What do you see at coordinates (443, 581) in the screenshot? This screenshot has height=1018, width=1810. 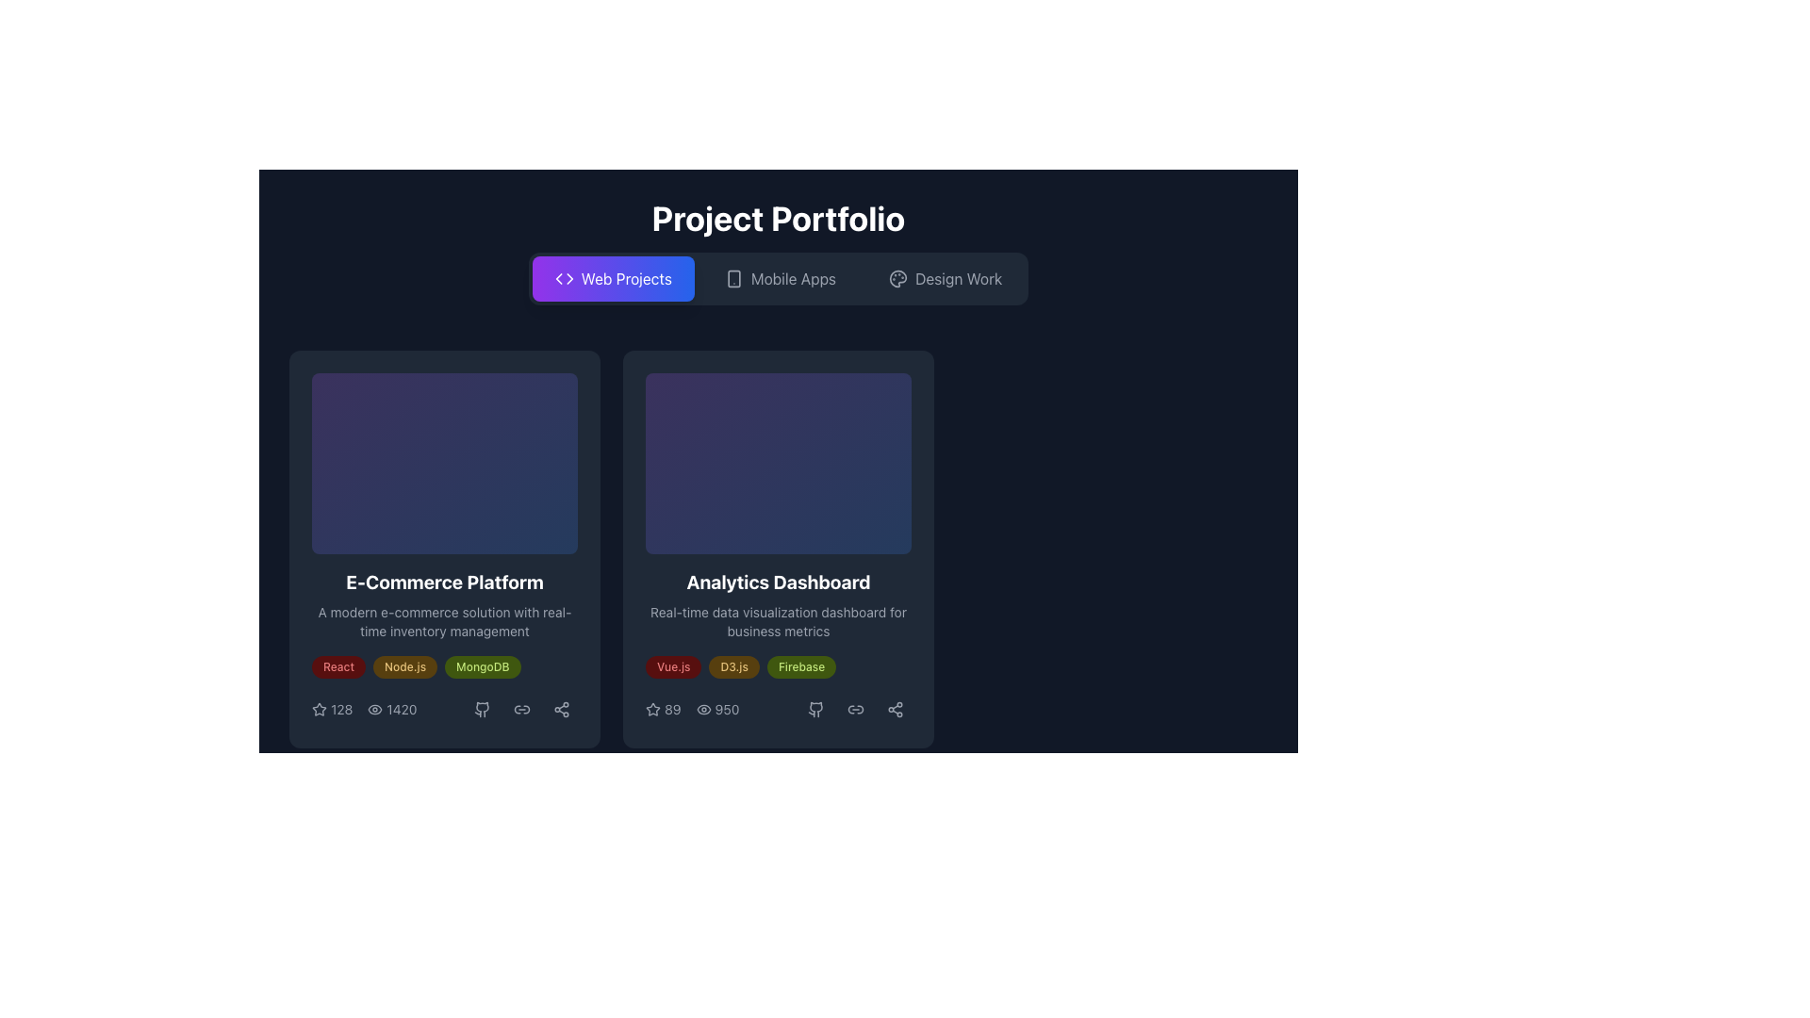 I see `the text block displaying the title 'E-Commerce Platform' in bold, extra-large font for copying` at bounding box center [443, 581].